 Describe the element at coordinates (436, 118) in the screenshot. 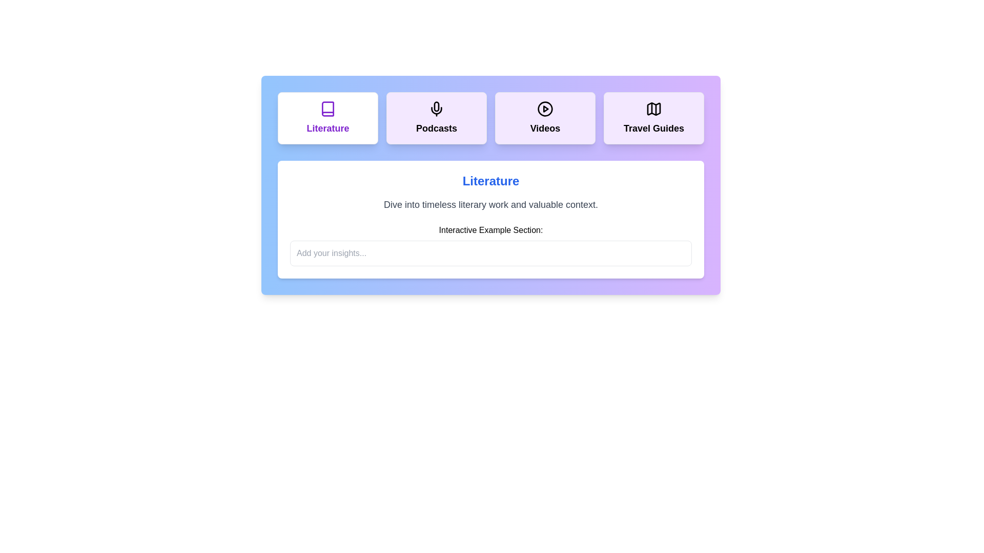

I see `the tab corresponding to Podcasts` at that location.